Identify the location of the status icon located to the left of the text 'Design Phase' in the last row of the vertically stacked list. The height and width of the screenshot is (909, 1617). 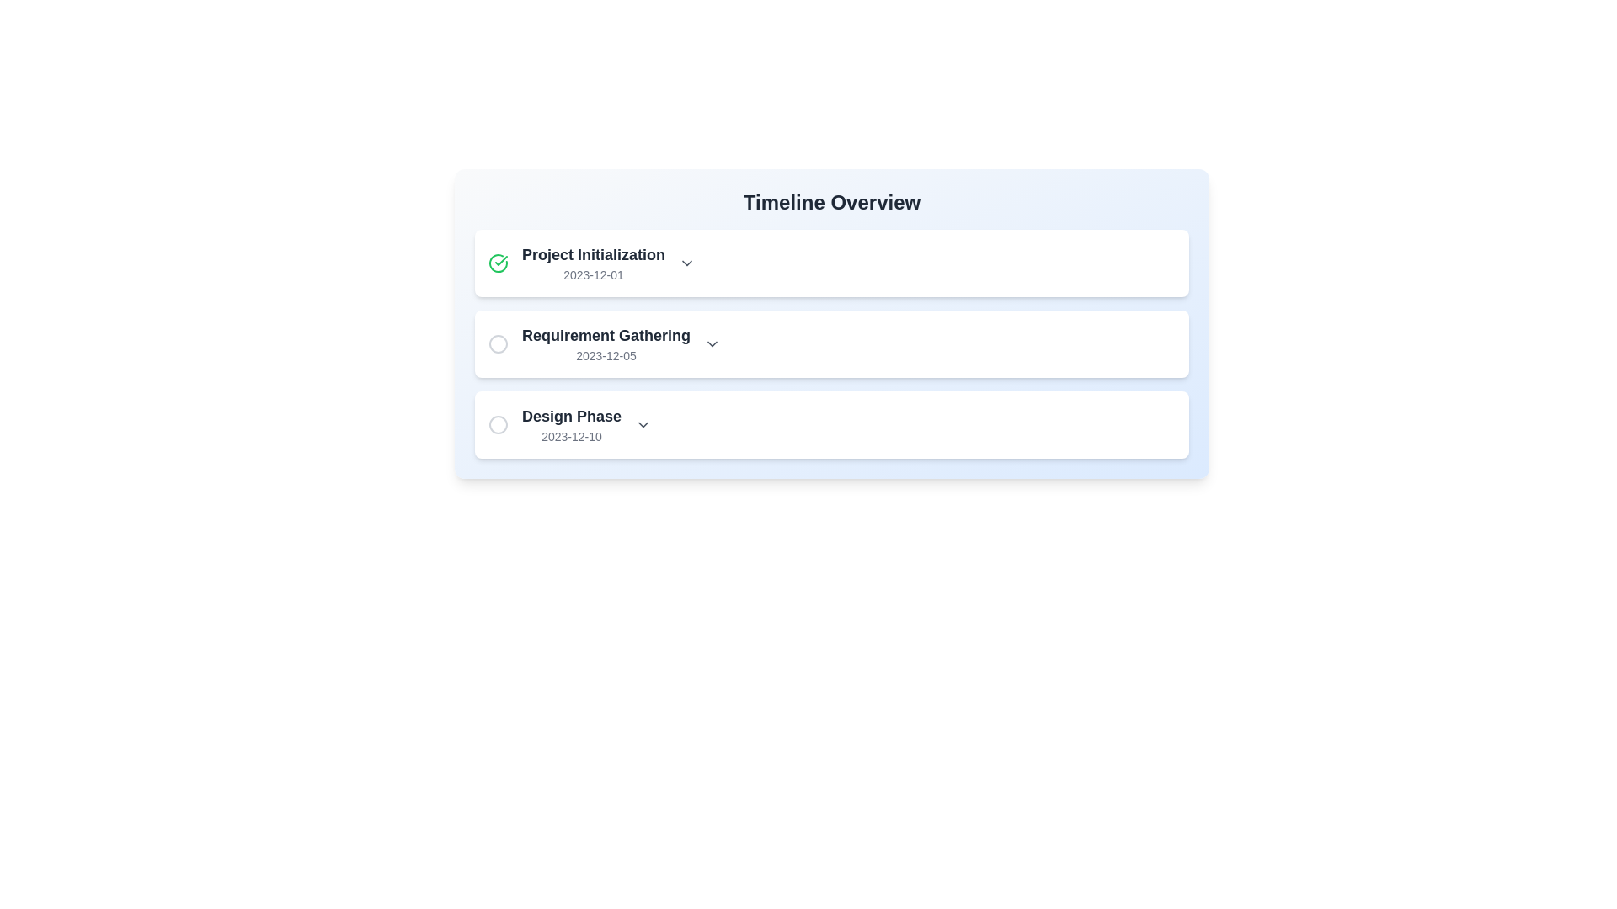
(497, 424).